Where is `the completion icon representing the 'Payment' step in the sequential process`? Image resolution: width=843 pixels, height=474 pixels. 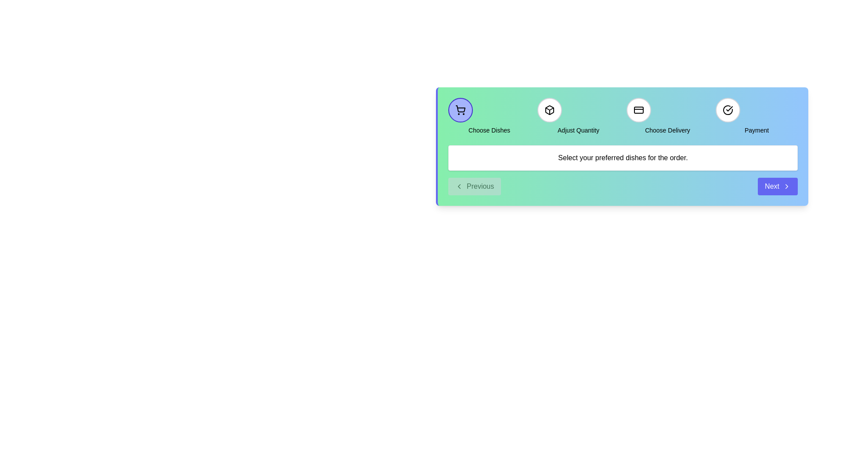 the completion icon representing the 'Payment' step in the sequential process is located at coordinates (728, 109).